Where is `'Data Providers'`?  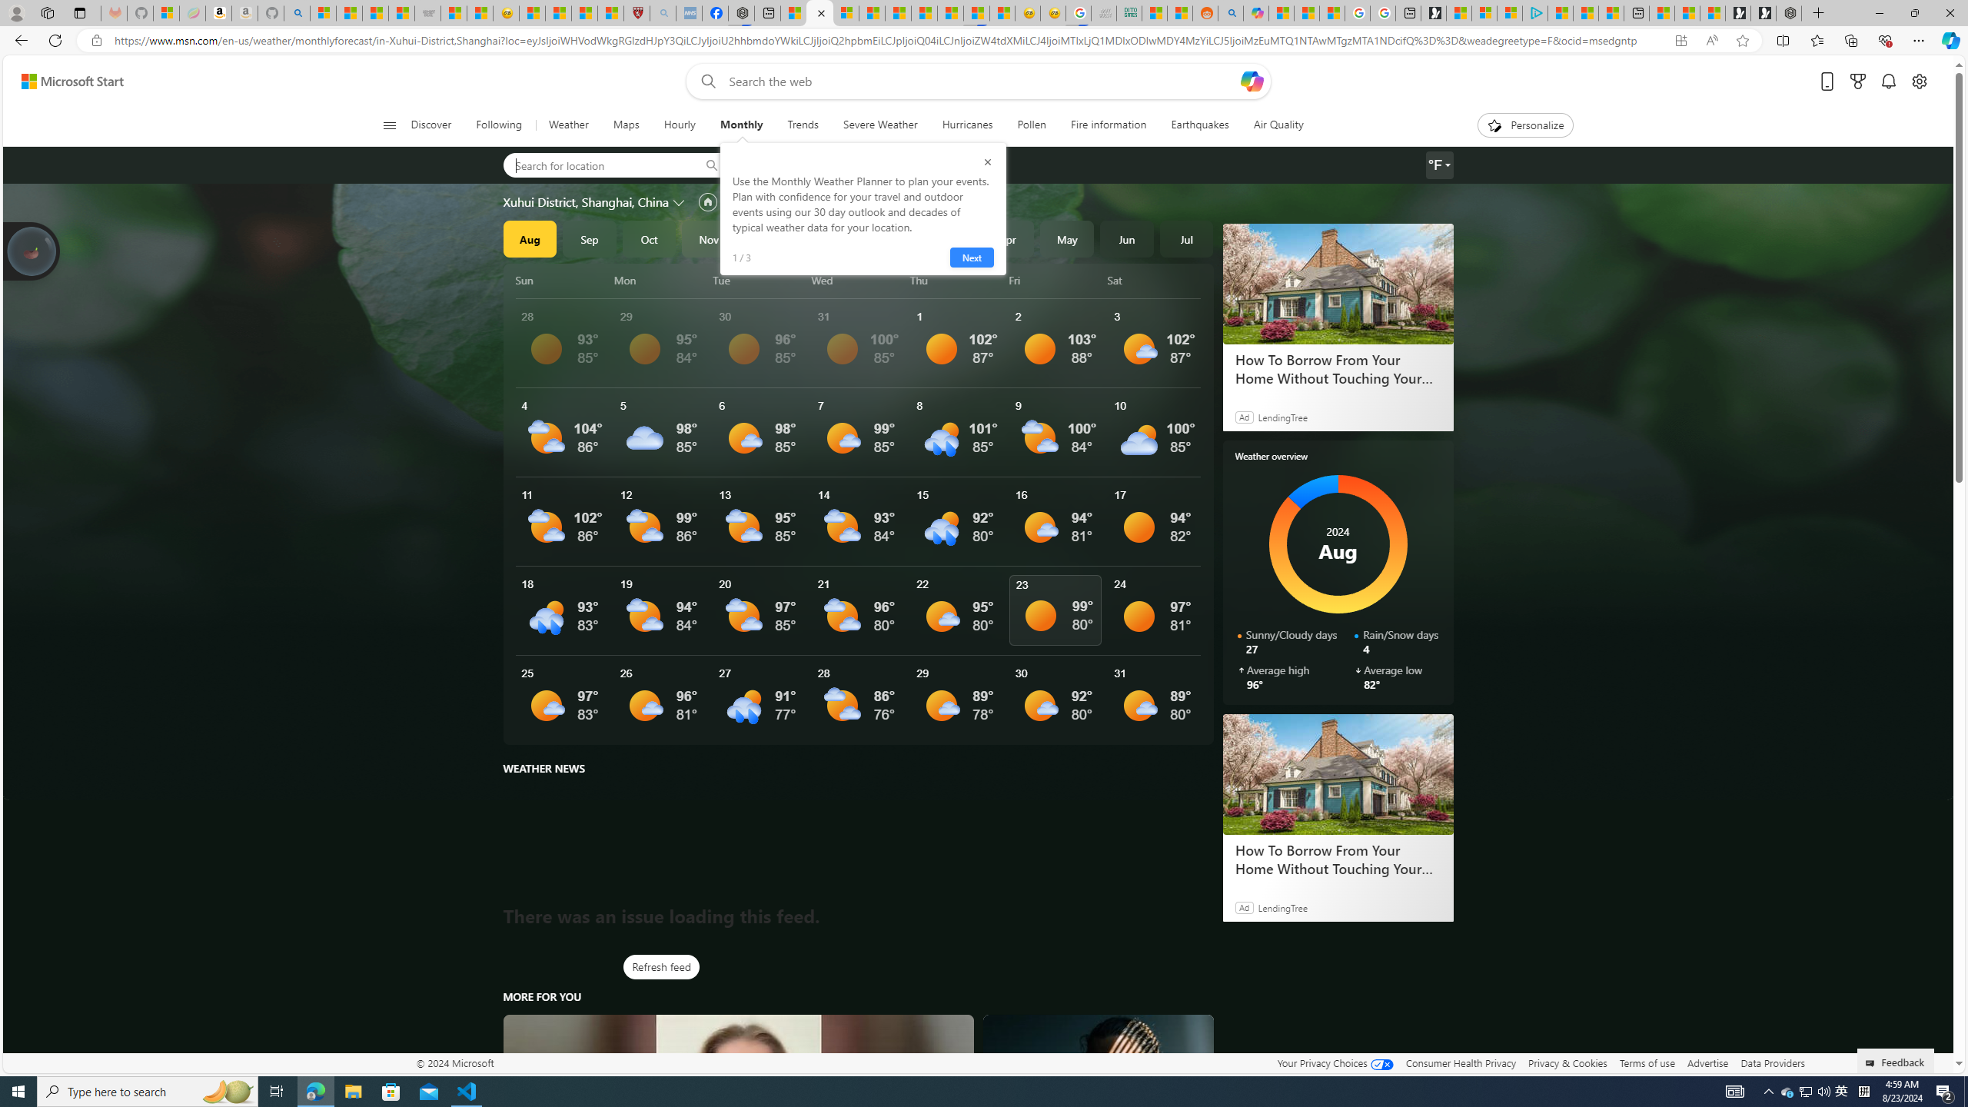
'Data Providers' is located at coordinates (1771, 1062).